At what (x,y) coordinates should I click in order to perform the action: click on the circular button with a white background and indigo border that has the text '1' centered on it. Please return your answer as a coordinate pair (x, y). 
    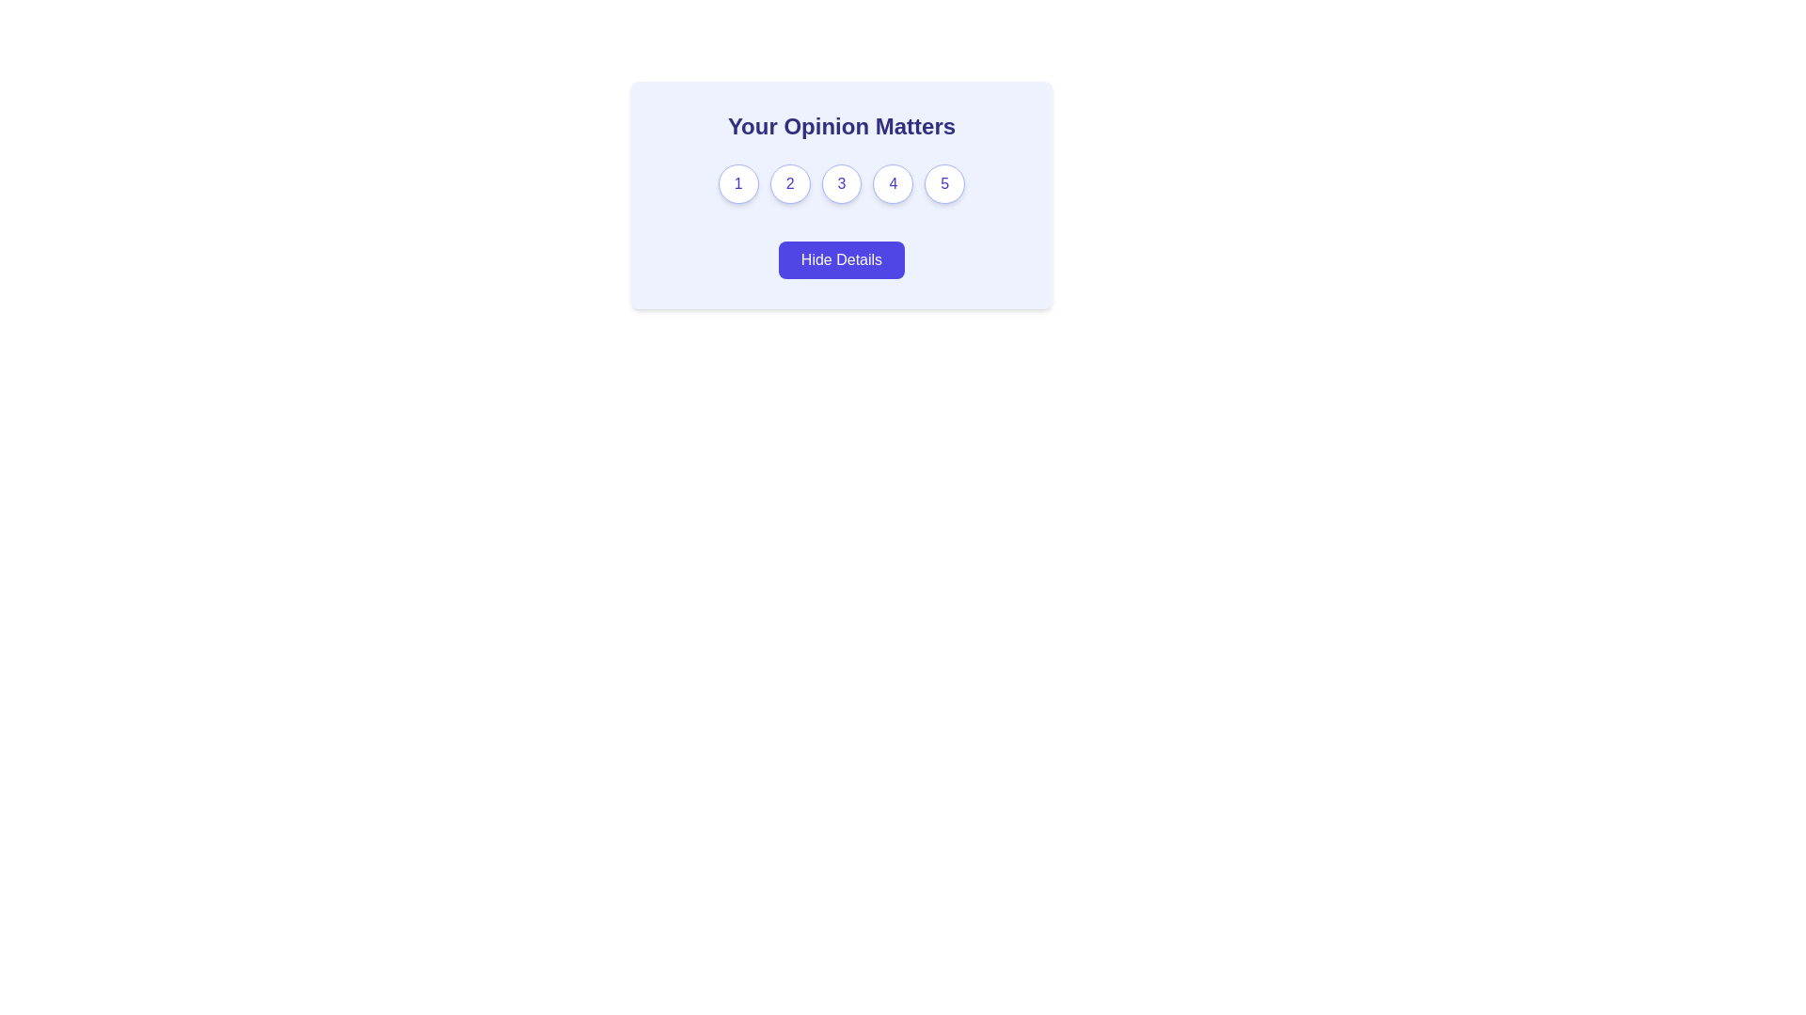
    Looking at the image, I should click on (737, 184).